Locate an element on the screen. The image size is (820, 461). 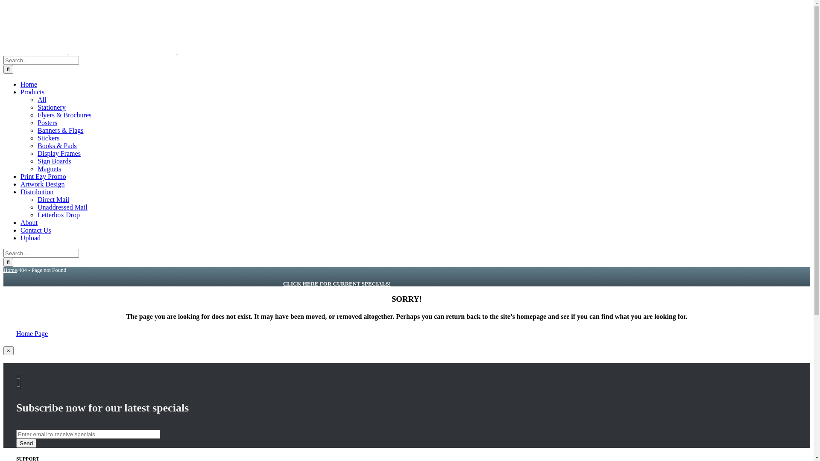
'Flyers & Brochures' is located at coordinates (64, 114).